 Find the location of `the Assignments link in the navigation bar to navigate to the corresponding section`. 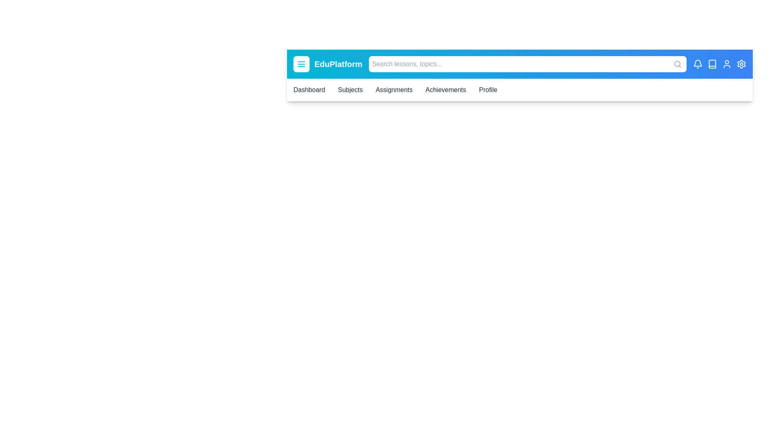

the Assignments link in the navigation bar to navigate to the corresponding section is located at coordinates (394, 90).